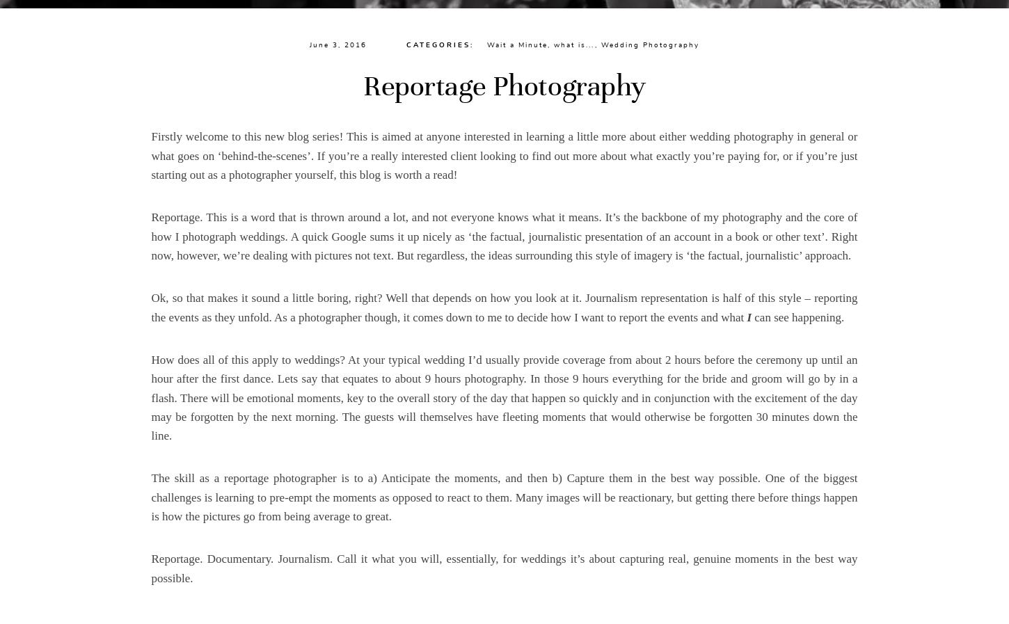 This screenshot has width=1009, height=624. What do you see at coordinates (503, 307) in the screenshot?
I see `'Ok, so that makes it sound a little boring, right? Well that depends on how you look at it. Journalism representation is half of this style – reporting the events as they unfold. As a photographer though, it comes down to me to decide how I want to report the events and what'` at bounding box center [503, 307].